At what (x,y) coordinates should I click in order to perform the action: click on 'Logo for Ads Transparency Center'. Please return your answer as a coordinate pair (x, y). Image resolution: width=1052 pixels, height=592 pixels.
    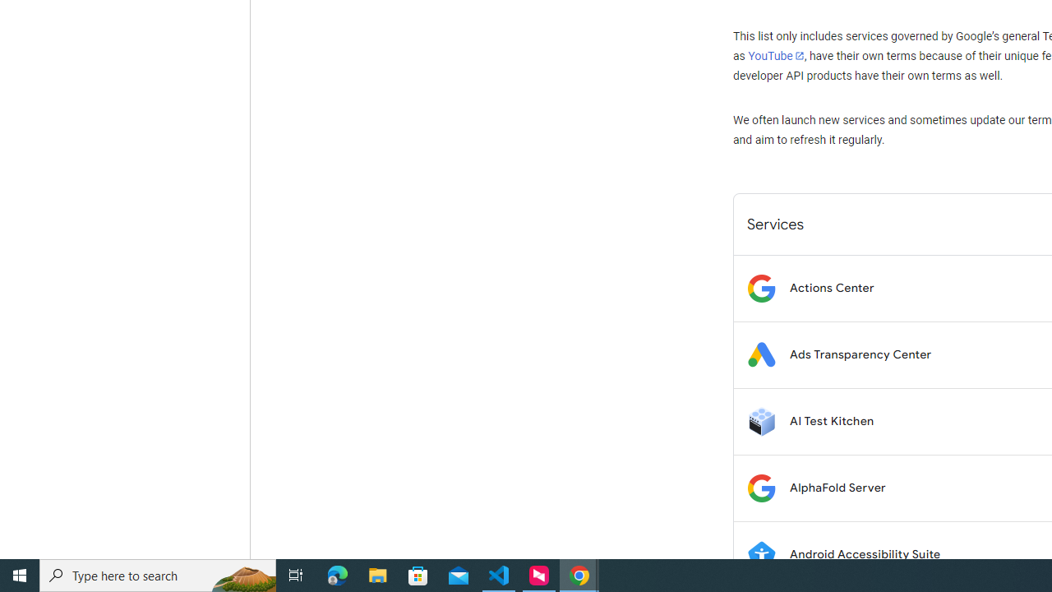
    Looking at the image, I should click on (760, 354).